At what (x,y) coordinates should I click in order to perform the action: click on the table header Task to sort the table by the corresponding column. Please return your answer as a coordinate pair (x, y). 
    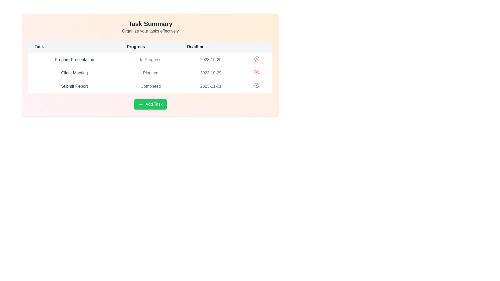
    Looking at the image, I should click on (74, 47).